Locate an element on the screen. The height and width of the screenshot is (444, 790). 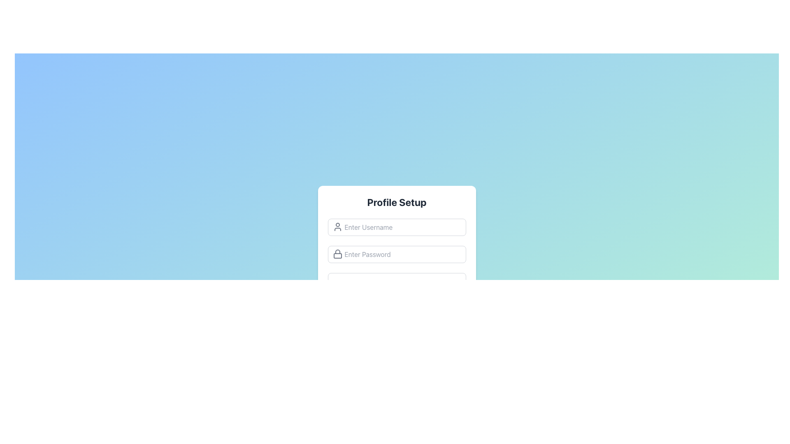
the lock icon located to the left of the 'Enter Password' input field, which indicates that the adjacent field is for entering a password is located at coordinates (337, 253).